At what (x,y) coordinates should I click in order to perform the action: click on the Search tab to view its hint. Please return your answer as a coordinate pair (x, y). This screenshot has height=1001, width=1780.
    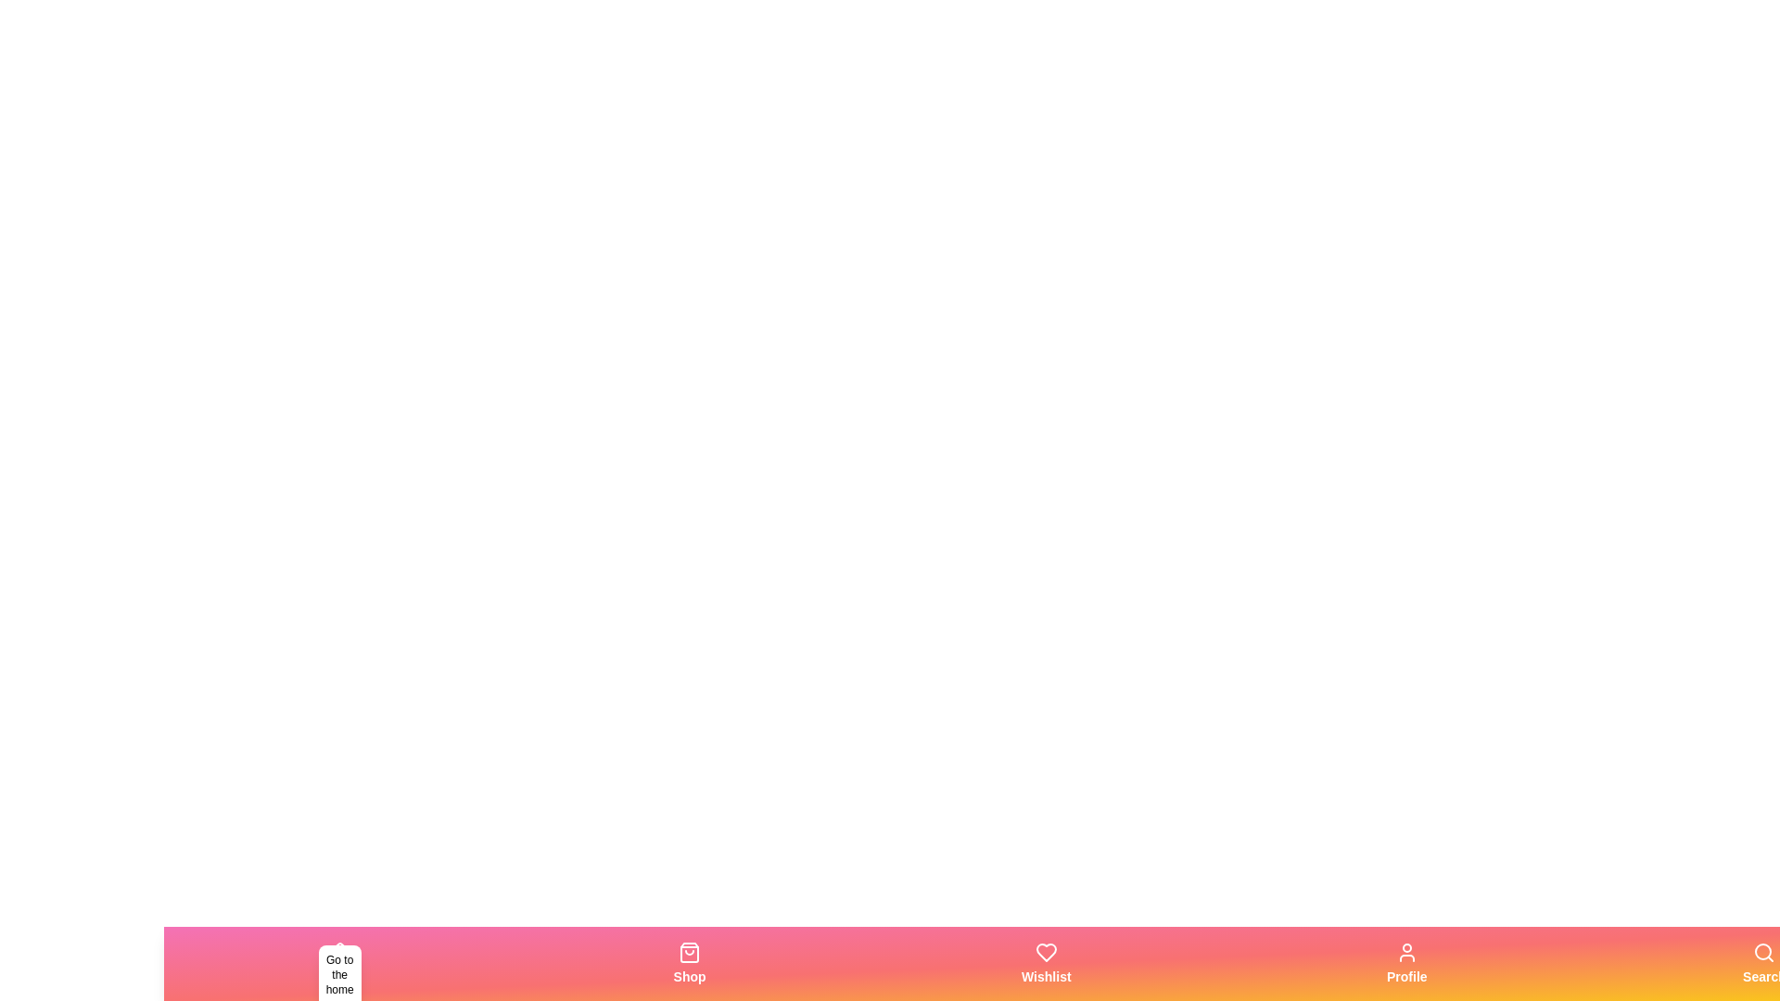
    Looking at the image, I should click on (1763, 963).